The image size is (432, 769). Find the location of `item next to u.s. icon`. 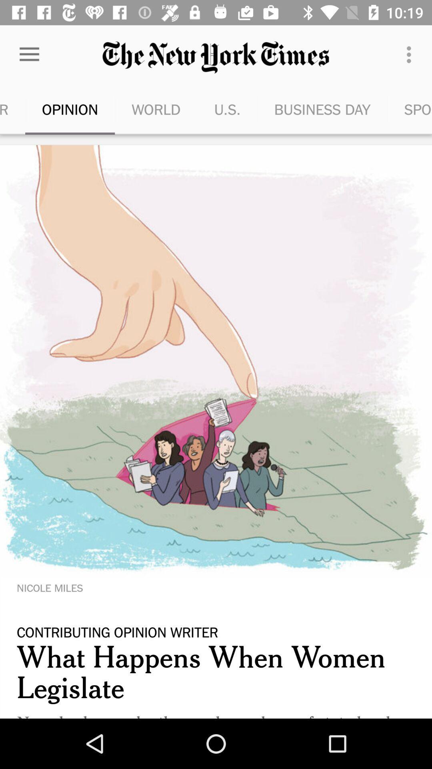

item next to u.s. icon is located at coordinates (322, 109).